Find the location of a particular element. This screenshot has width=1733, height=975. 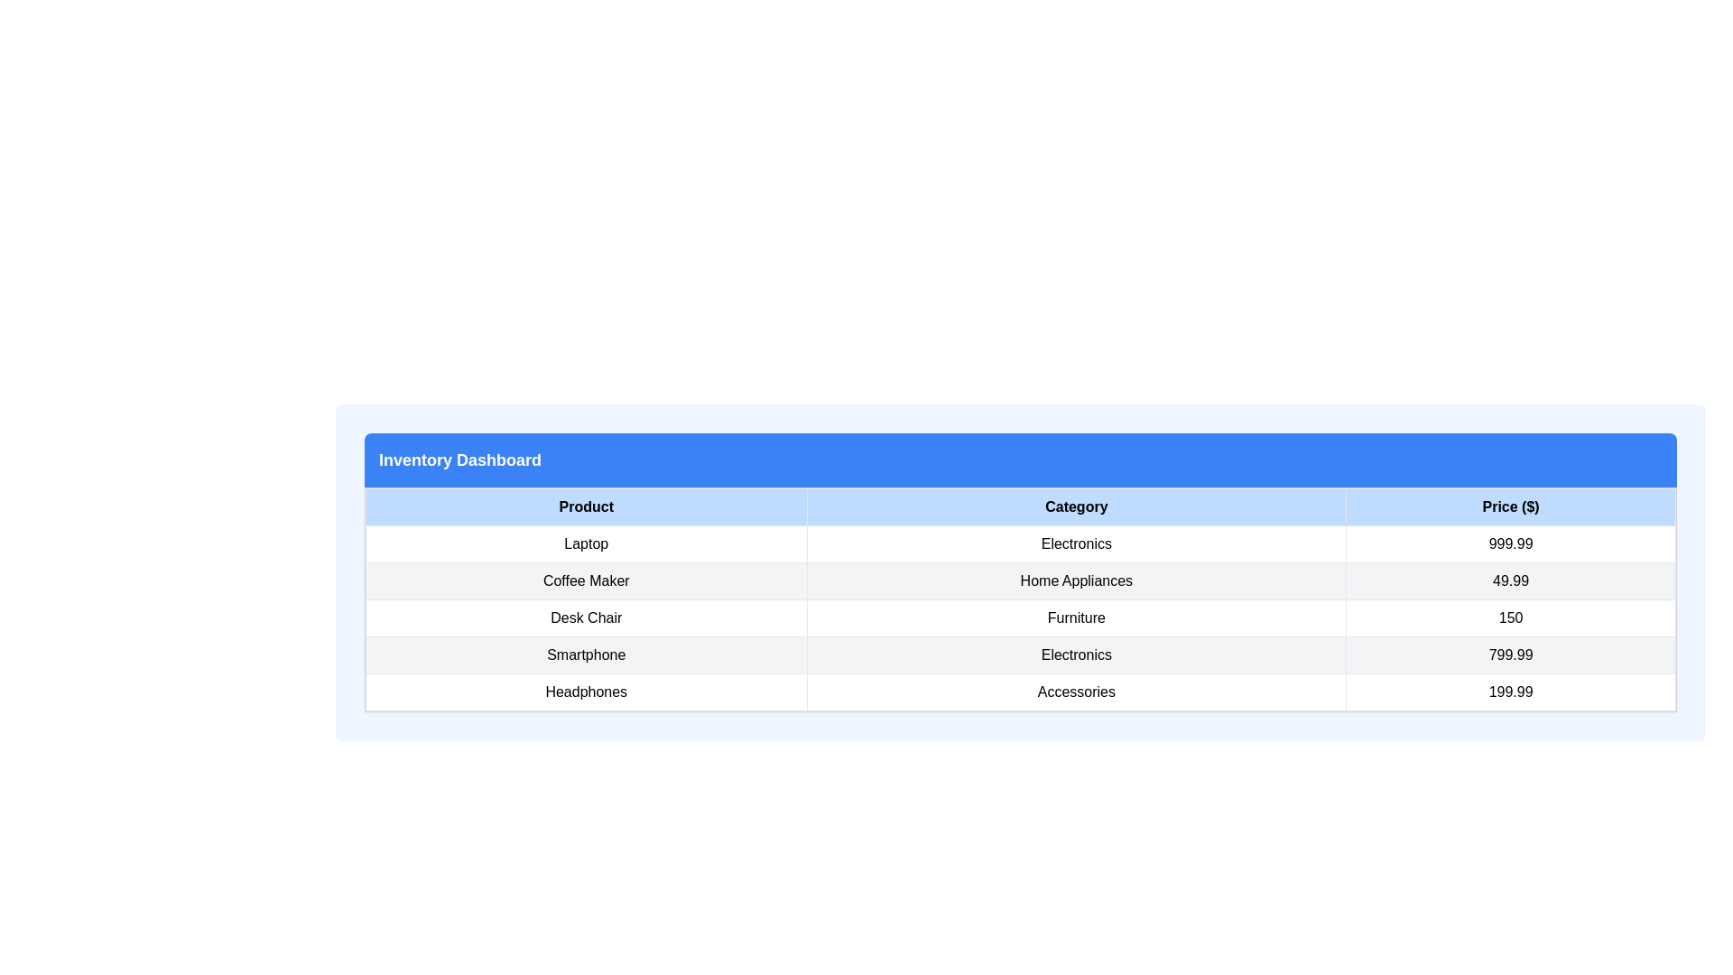

the Text label indicating 'Furniture' for the product 'Desk Chair' located in the 'Category' column of the third row in the table is located at coordinates (1076, 617).